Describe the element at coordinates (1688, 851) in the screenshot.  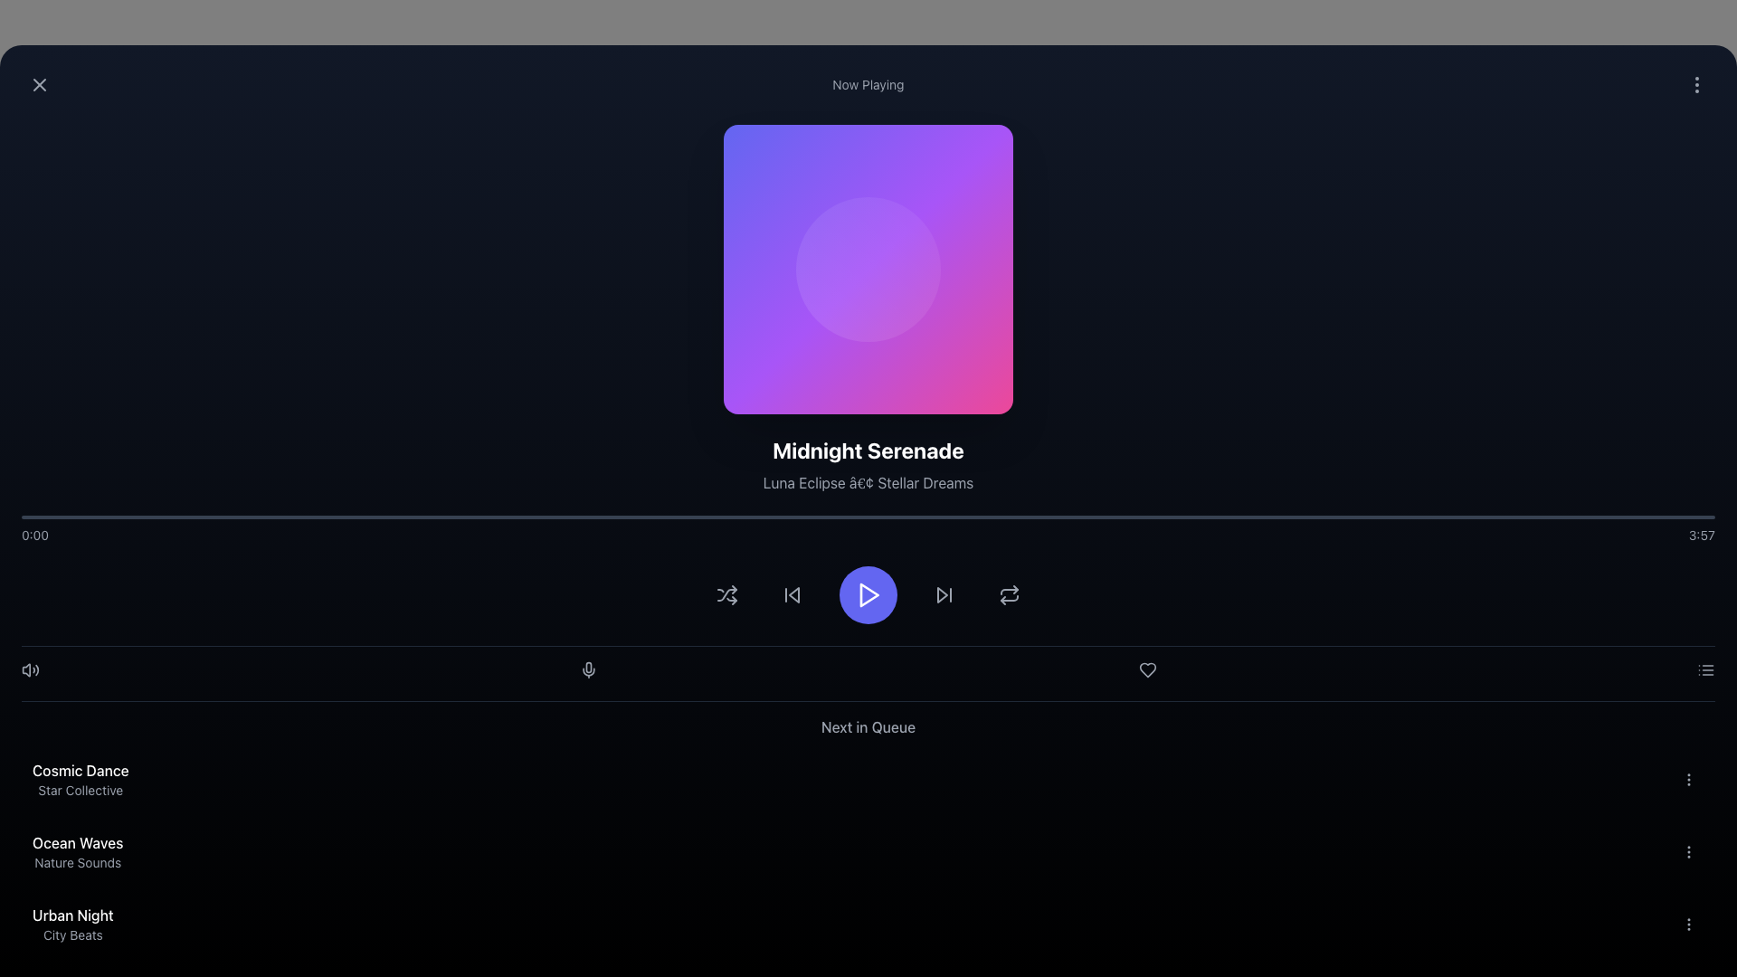
I see `the vertical ellipsis icon, which is characterized by three light gray dots arranged in a column, located in the bottom-right corner of the user interface, to potentially display a tooltip or visual feedback` at that location.